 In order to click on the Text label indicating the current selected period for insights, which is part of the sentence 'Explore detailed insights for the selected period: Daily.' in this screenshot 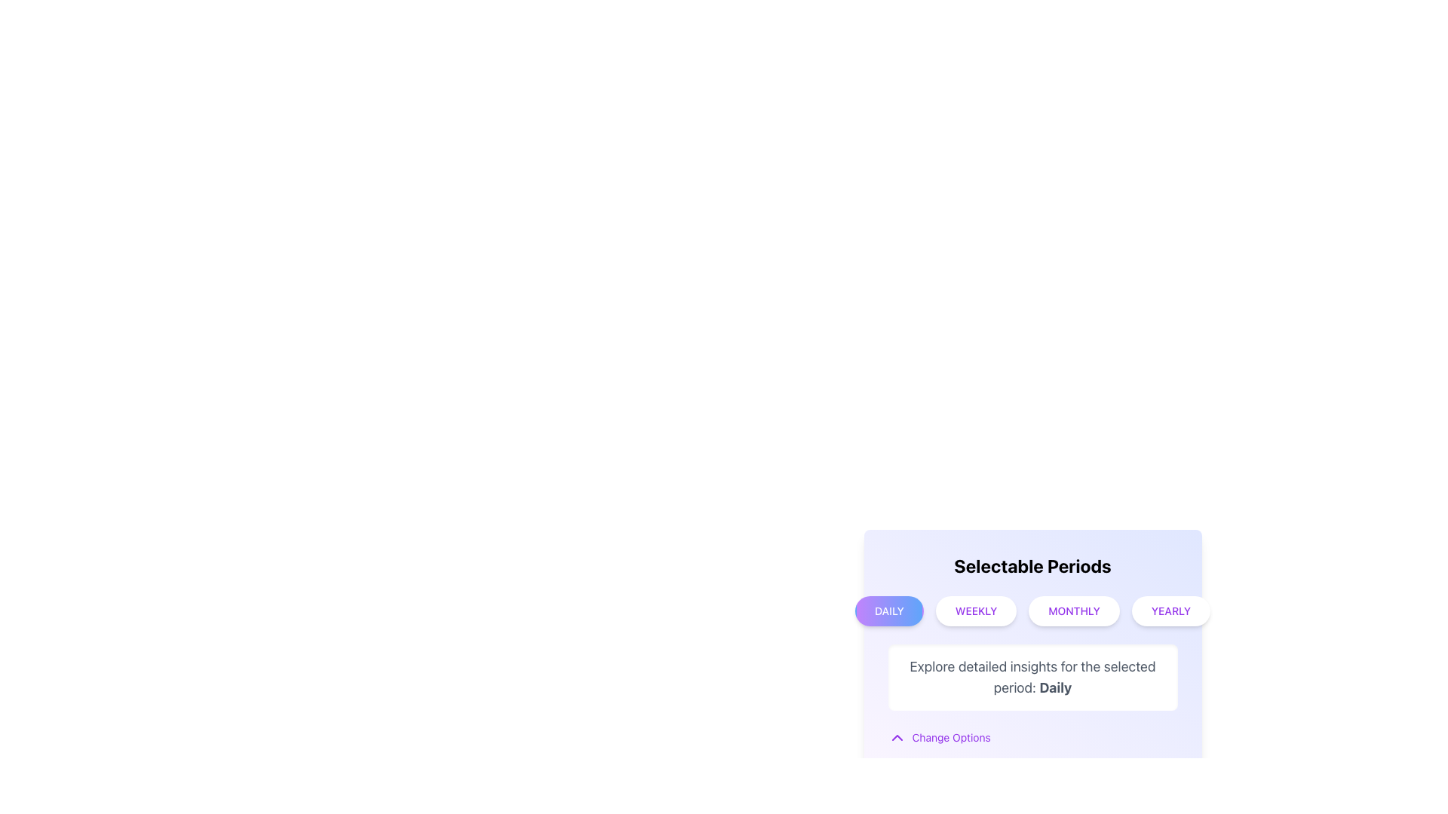, I will do `click(1054, 687)`.